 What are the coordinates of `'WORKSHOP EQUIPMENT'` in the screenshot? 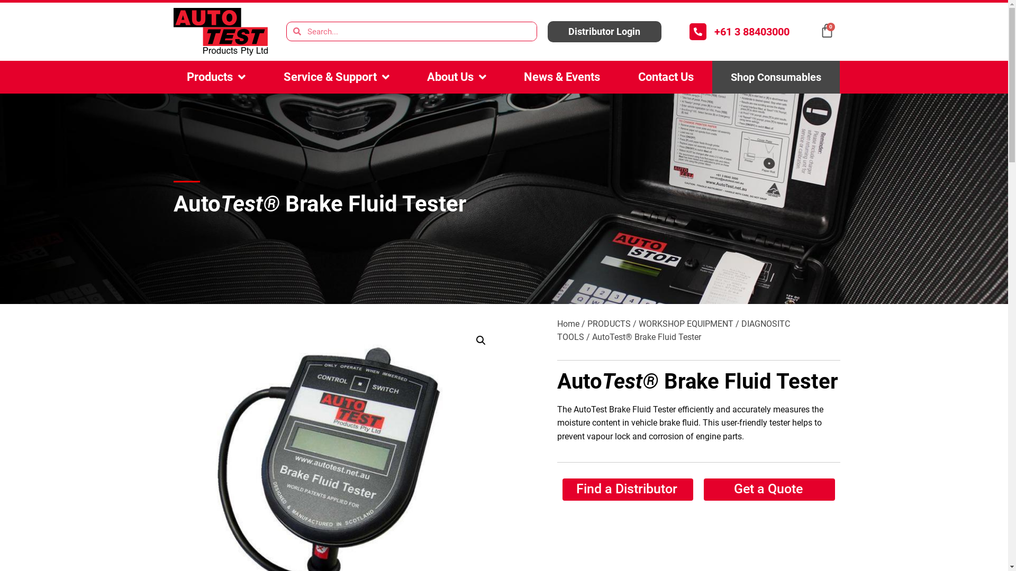 It's located at (685, 323).